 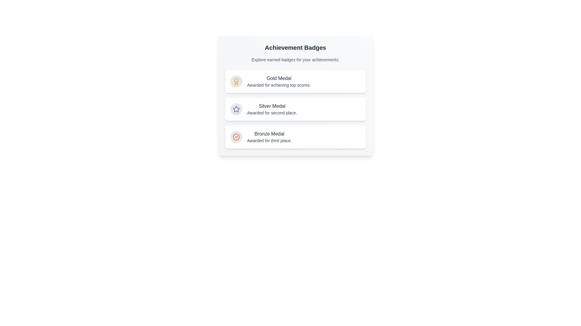 What do you see at coordinates (272, 113) in the screenshot?
I see `the descriptive text label providing additional information about the 'Silver Medal' award, which is located directly below the 'Silver Medal' text` at bounding box center [272, 113].